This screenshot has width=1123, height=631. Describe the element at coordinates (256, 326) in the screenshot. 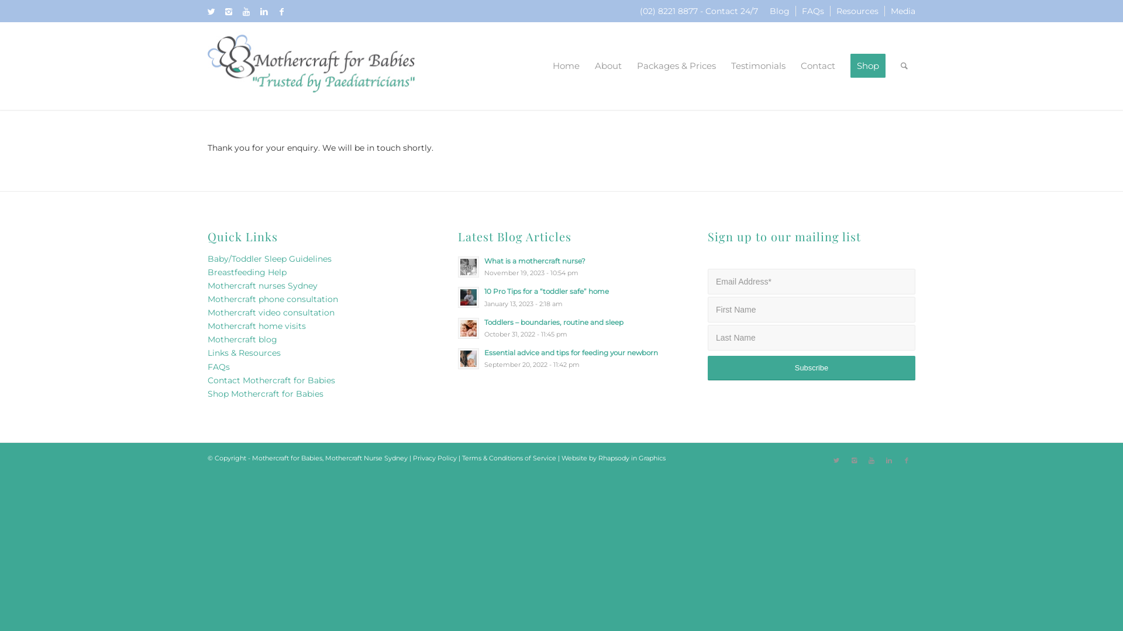

I see `'Mothercraft home visits'` at that location.